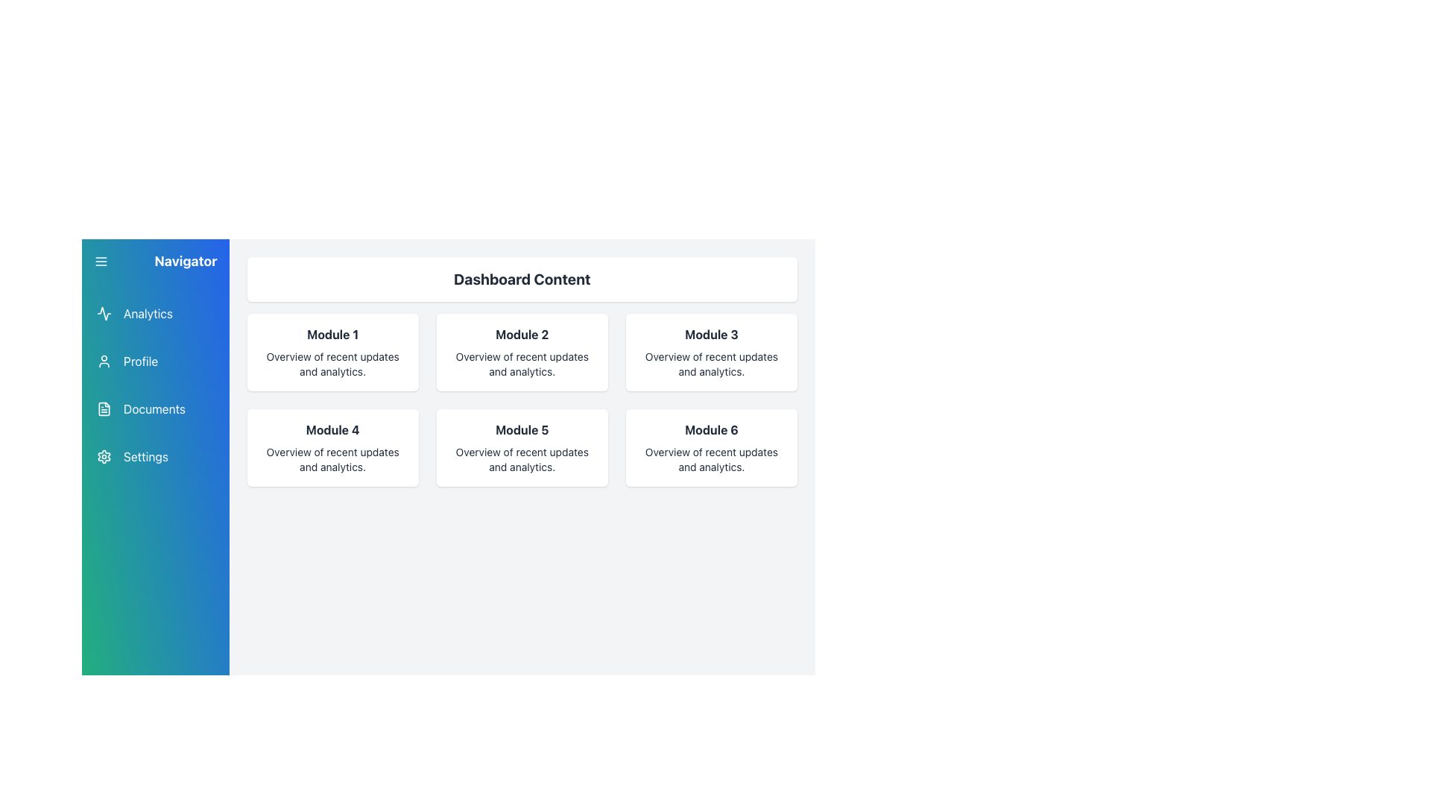 The image size is (1431, 805). I want to click on the card displaying information about Module 6, located in the last position of a six-card grid in the Dashboard Content section, so click(711, 447).